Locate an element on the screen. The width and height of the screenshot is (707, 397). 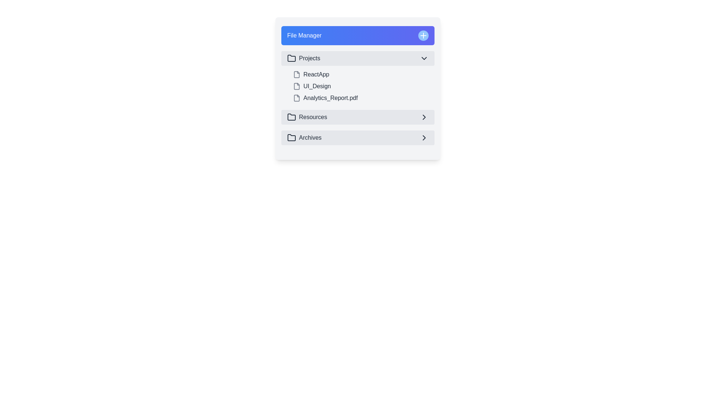
the small 'plus' icon located in the top-right corner of the blue header section labeled 'File Manager' is located at coordinates (423, 35).